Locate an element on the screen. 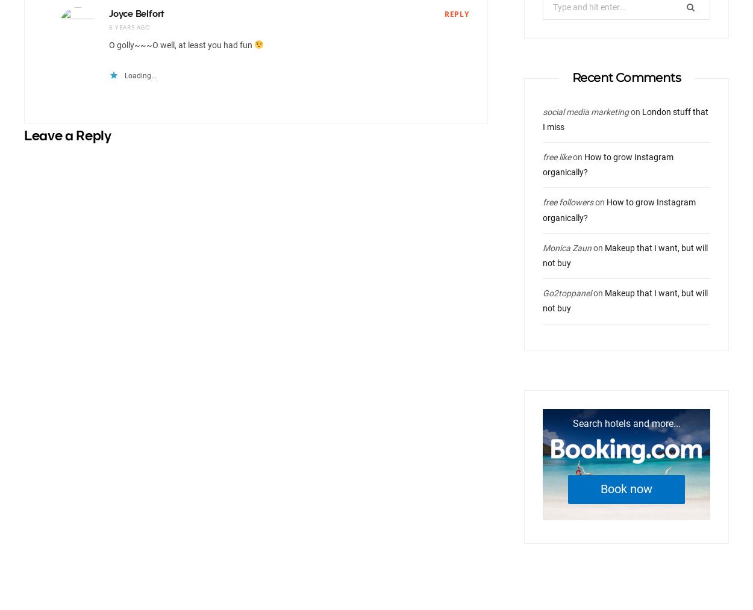 The image size is (753, 610). '6 years ago' is located at coordinates (128, 25).